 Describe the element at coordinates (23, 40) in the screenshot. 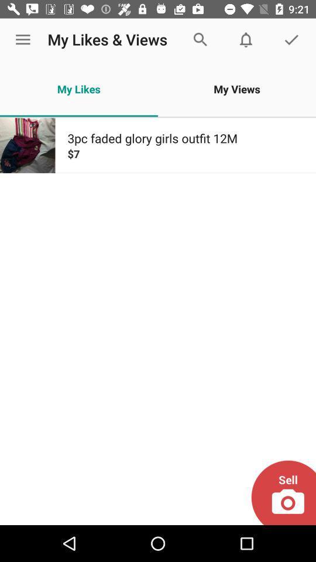

I see `the icon next to my likes & views app` at that location.